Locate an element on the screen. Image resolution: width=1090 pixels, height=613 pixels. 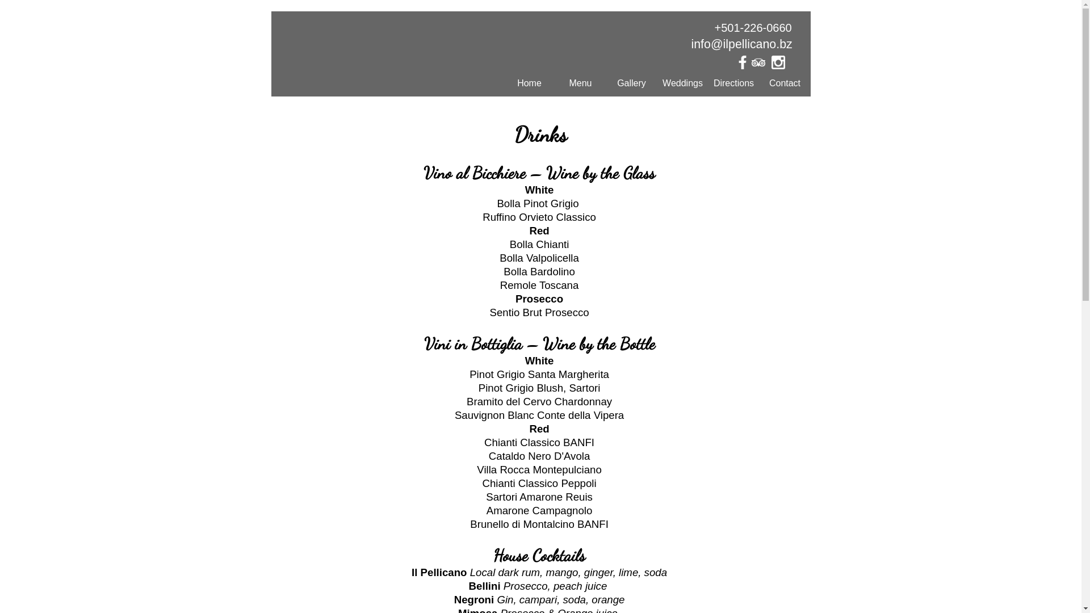
'Weddings' is located at coordinates (682, 82).